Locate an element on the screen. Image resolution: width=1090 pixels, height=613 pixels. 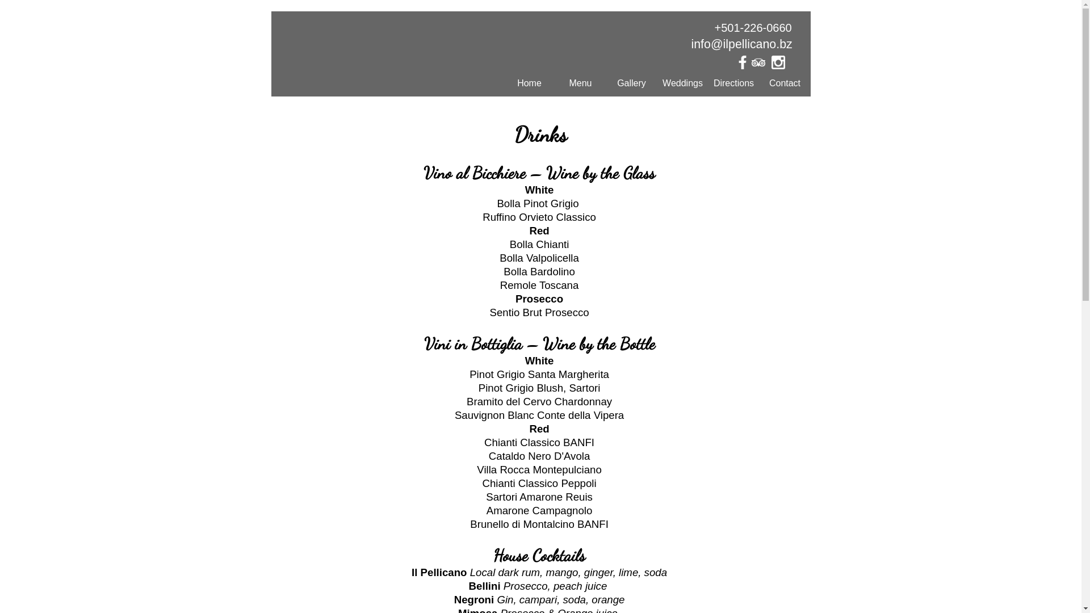
'Weddings' is located at coordinates (682, 82).